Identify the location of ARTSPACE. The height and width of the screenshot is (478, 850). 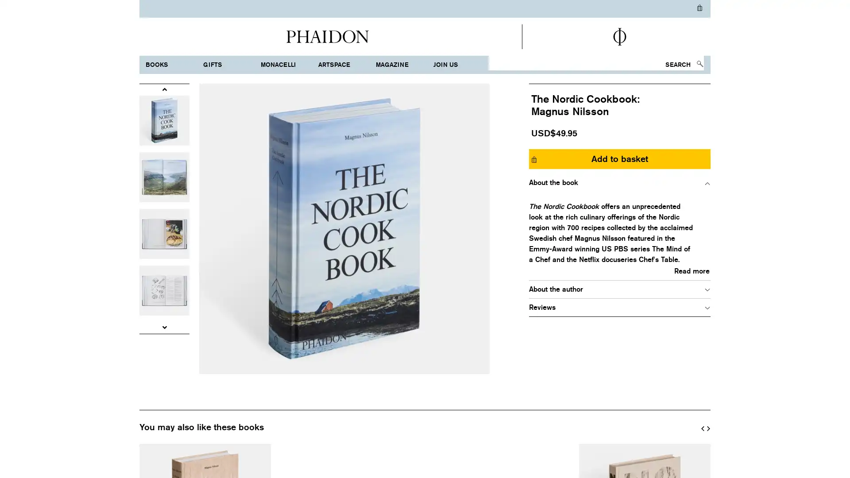
(344, 64).